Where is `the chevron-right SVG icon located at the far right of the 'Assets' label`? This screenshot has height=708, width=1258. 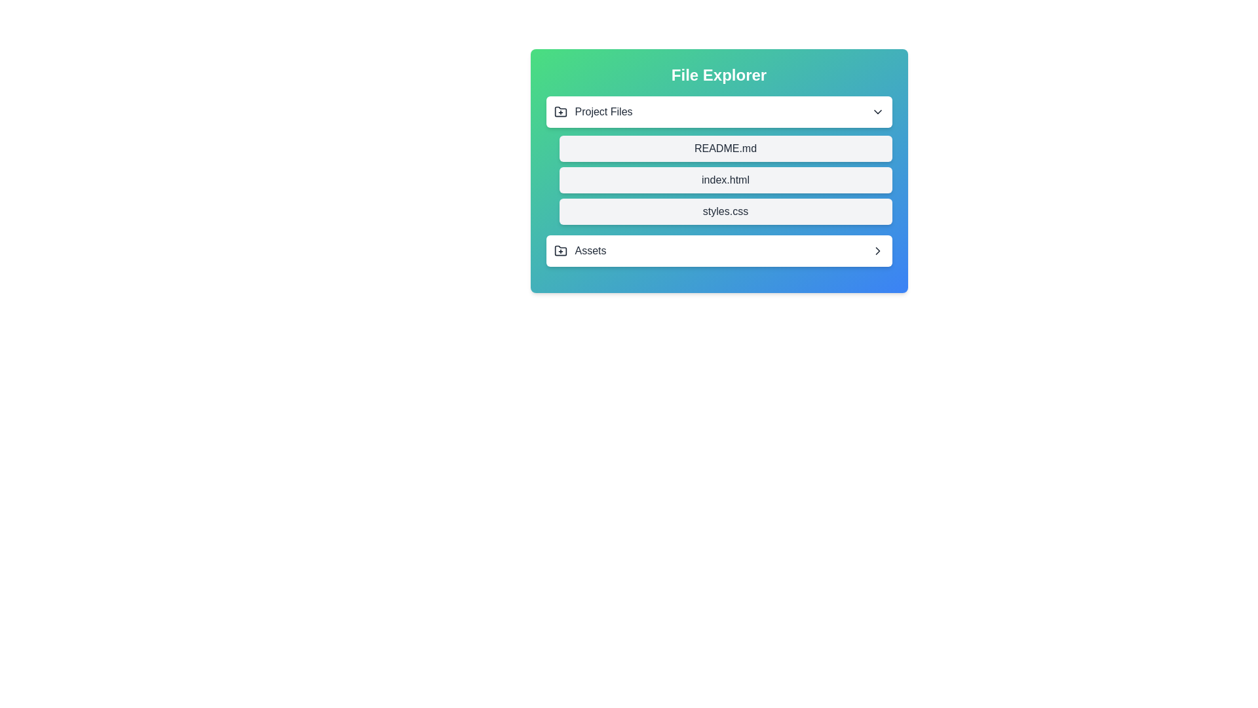 the chevron-right SVG icon located at the far right of the 'Assets' label is located at coordinates (877, 250).